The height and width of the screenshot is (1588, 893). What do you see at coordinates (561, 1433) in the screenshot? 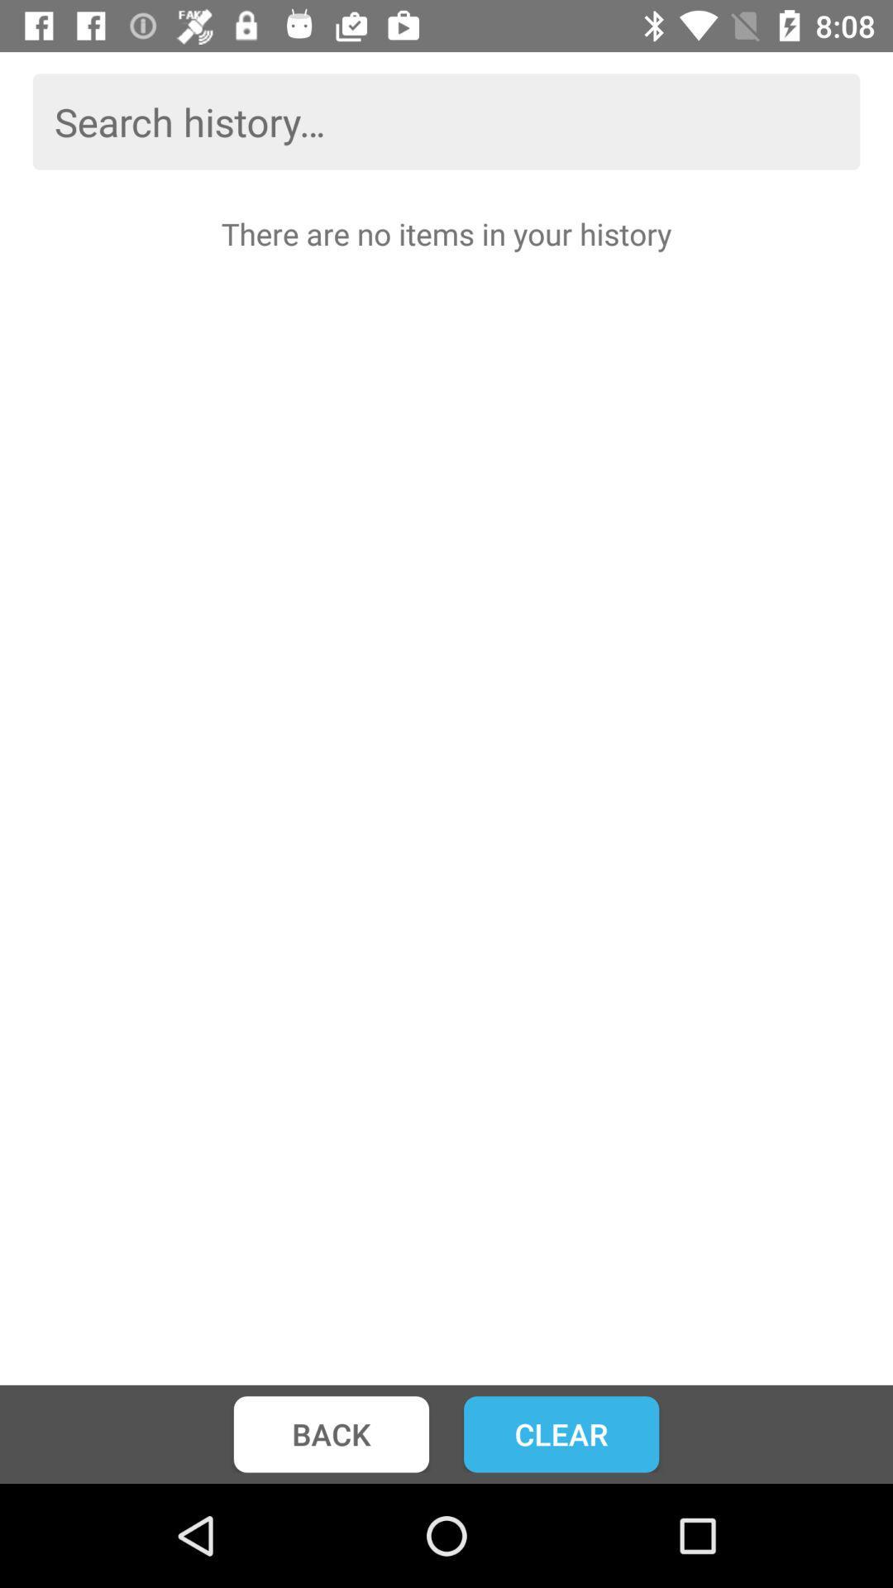
I see `the clear` at bounding box center [561, 1433].